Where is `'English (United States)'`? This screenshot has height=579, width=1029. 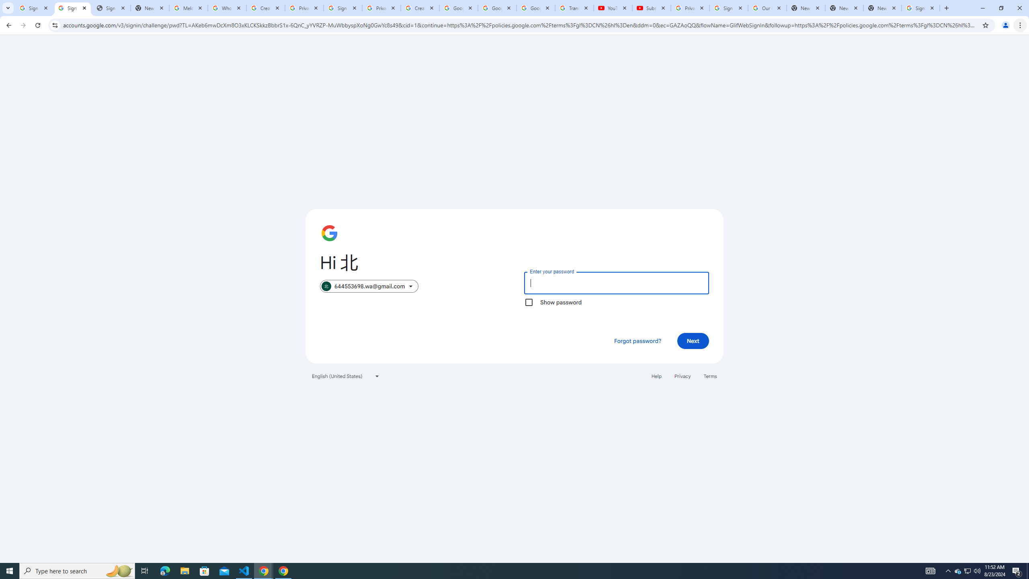
'English (United States)' is located at coordinates (346, 376).